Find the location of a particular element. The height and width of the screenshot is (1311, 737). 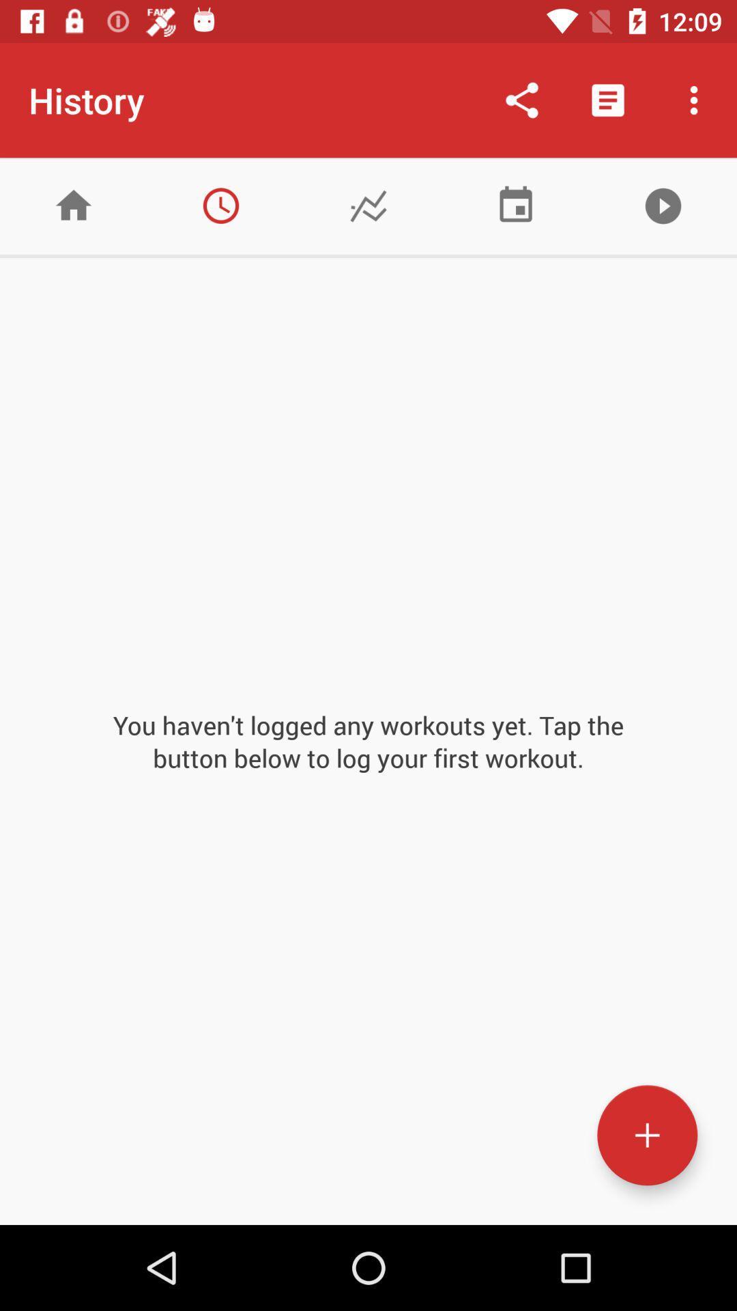

history tab is located at coordinates (220, 205).